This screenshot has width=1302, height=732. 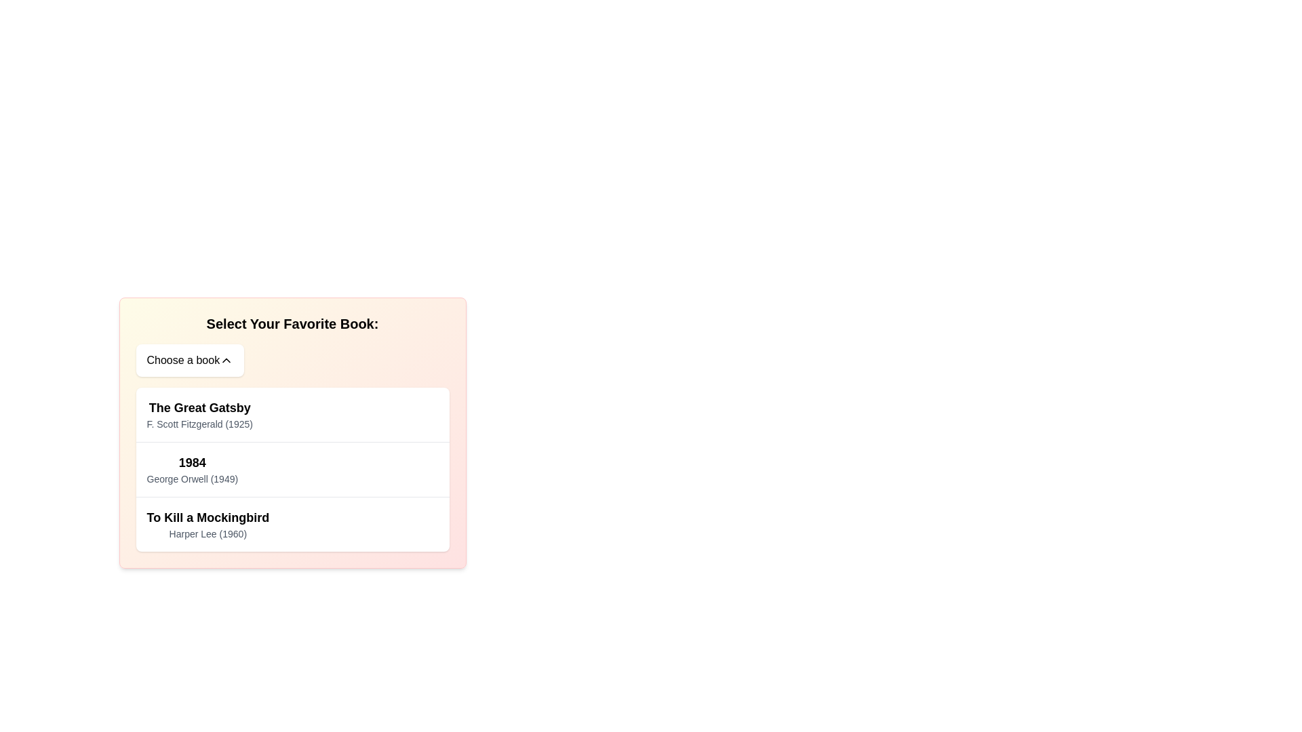 What do you see at coordinates (292, 433) in the screenshot?
I see `the first book item titled 'The Great Gatsby' in the list` at bounding box center [292, 433].